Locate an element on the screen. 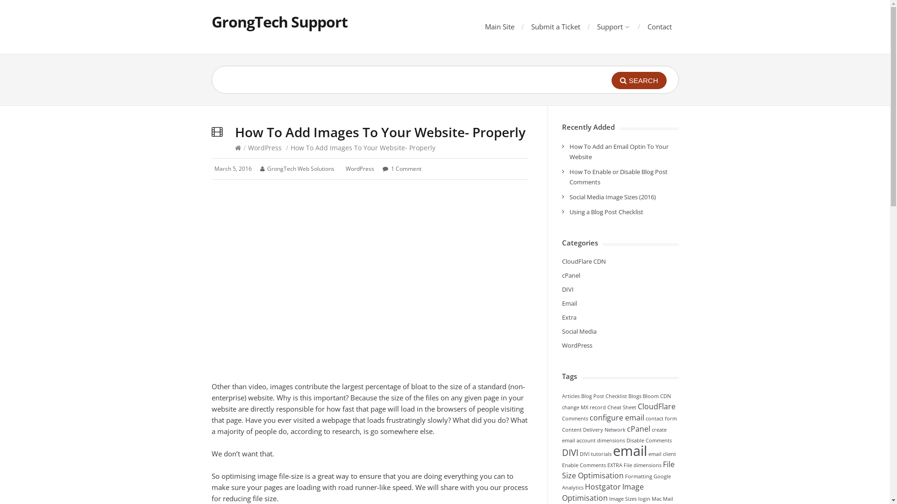 This screenshot has width=897, height=504. 'contact form' is located at coordinates (661, 418).